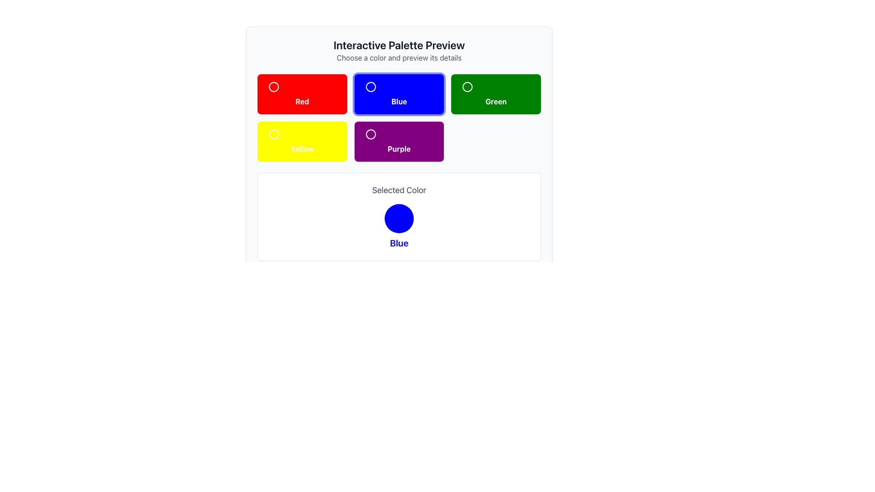  Describe the element at coordinates (399, 102) in the screenshot. I see `text content displayed in bold white font that says 'Blue', located in the blue rectangular button with rounded corners in the middle row of a 2x3 grid layout` at that location.